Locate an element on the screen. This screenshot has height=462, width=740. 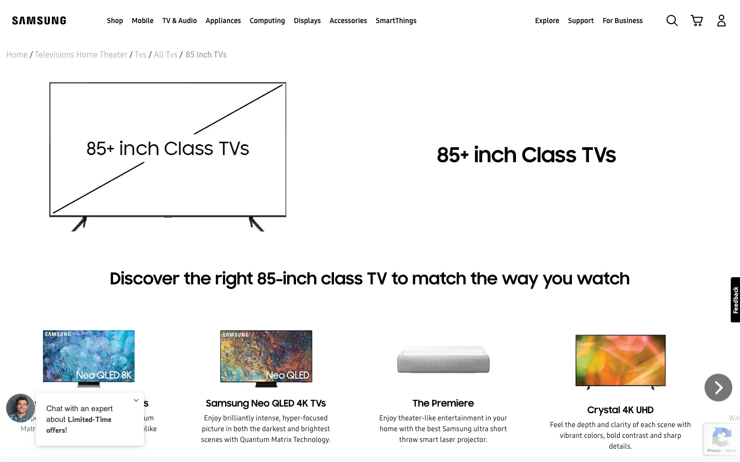
the cart by clicking on the cart icon is located at coordinates (696, 20).